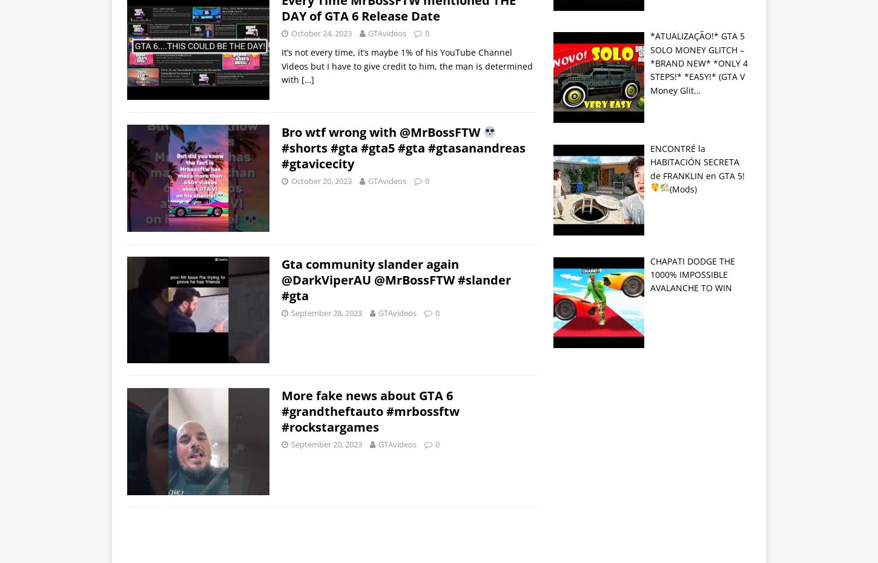 This screenshot has height=563, width=878. I want to click on 'More fake news about GTA 6 #grandtheftauto #mrbossftw #rockstargames', so click(281, 410).